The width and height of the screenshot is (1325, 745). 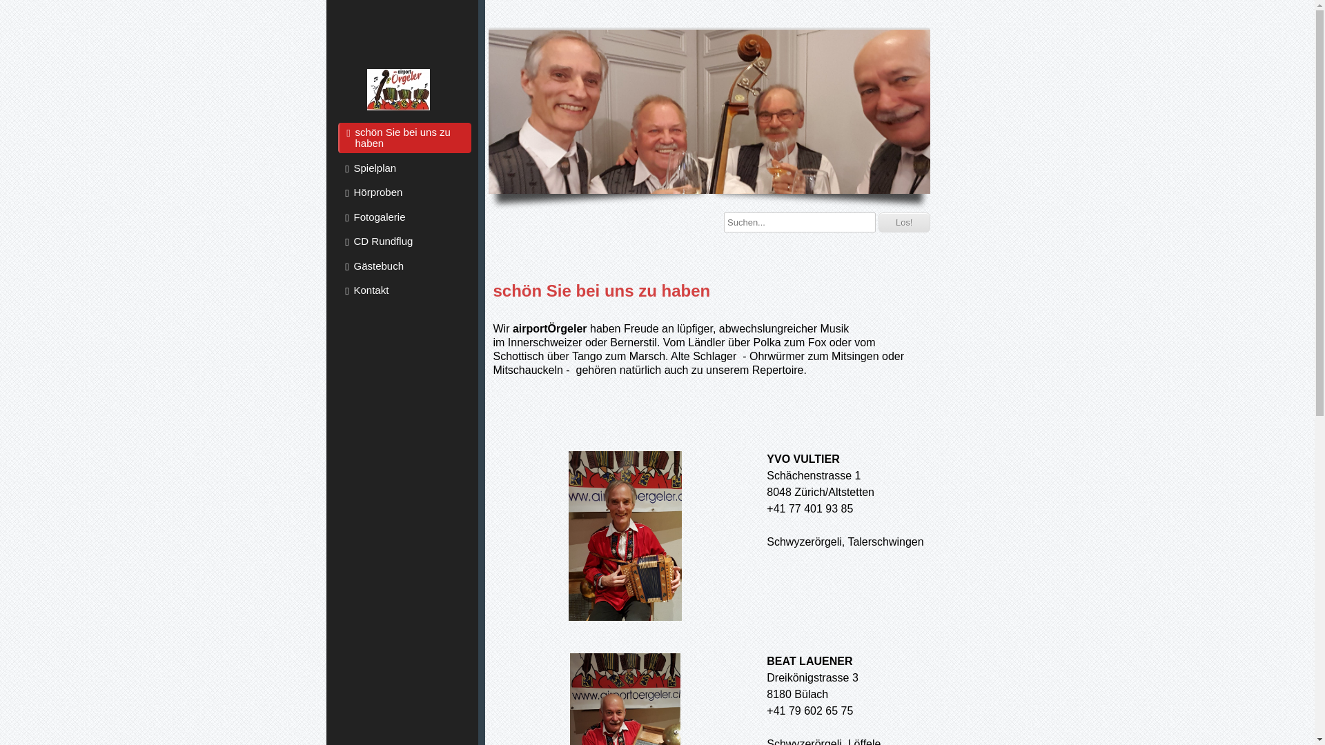 I want to click on 'Fotogalerie', so click(x=404, y=216).